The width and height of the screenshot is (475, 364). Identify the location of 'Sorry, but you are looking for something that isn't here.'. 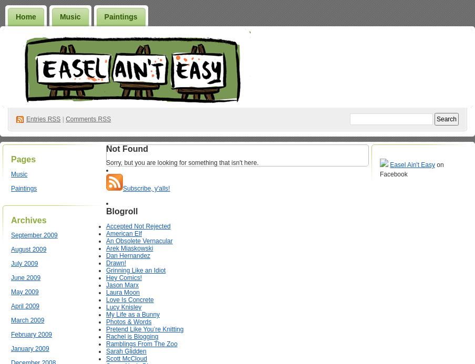
(181, 162).